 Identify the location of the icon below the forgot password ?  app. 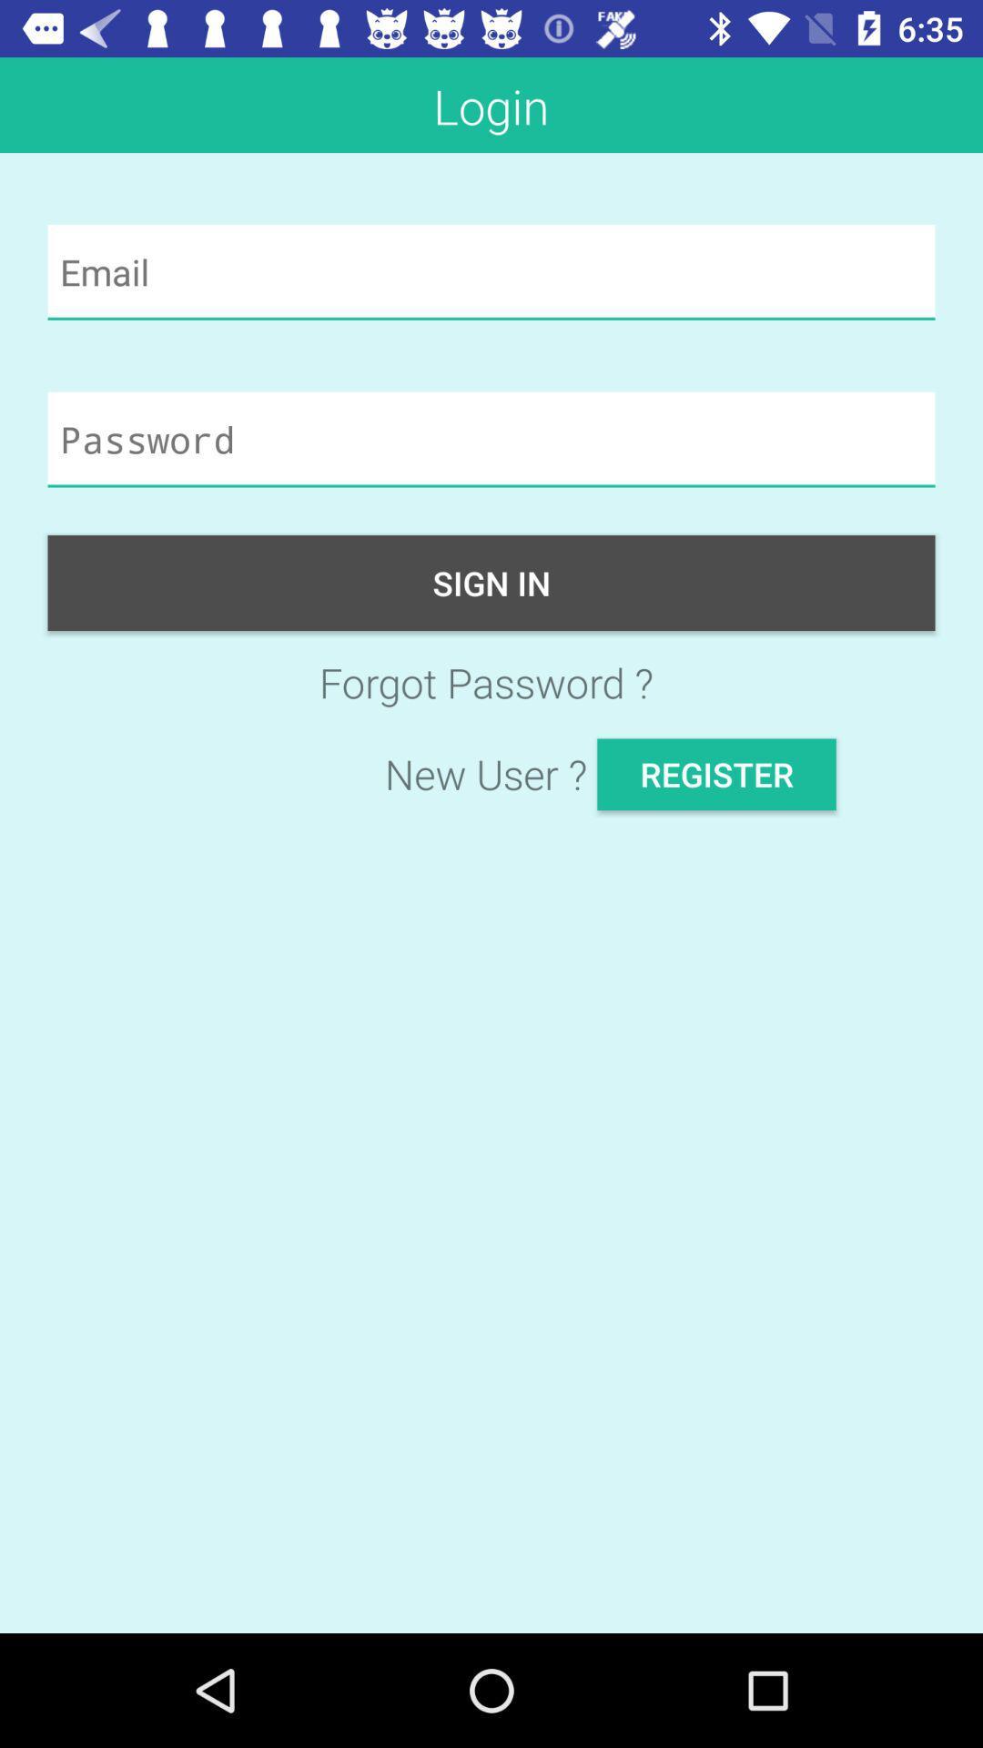
(715, 774).